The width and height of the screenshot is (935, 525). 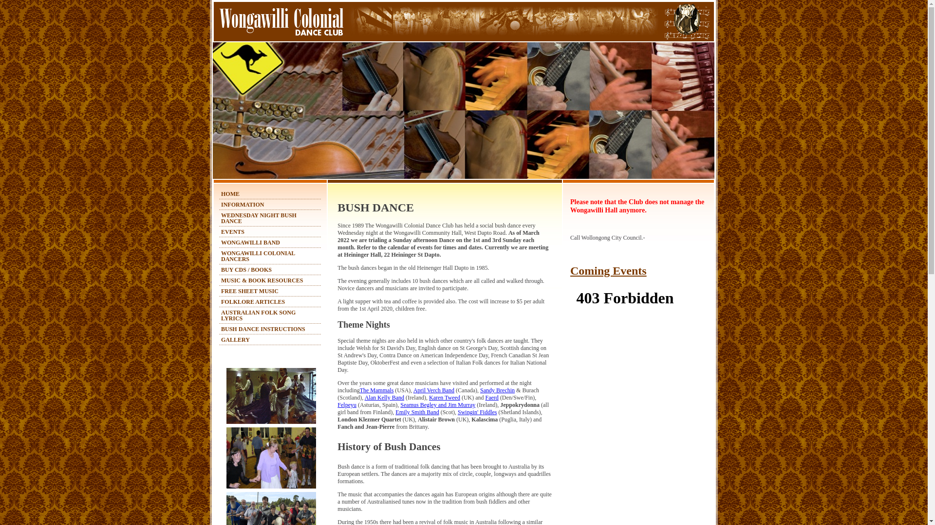 I want to click on 'INFORMATION', so click(x=221, y=204).